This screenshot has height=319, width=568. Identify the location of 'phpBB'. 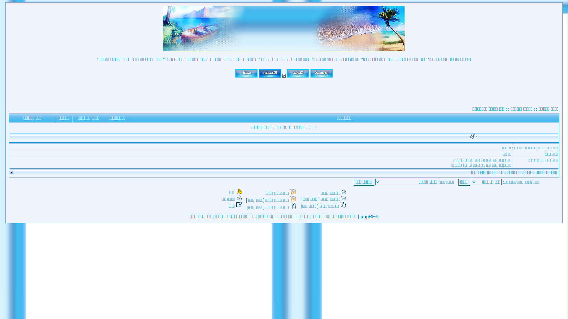
(367, 217).